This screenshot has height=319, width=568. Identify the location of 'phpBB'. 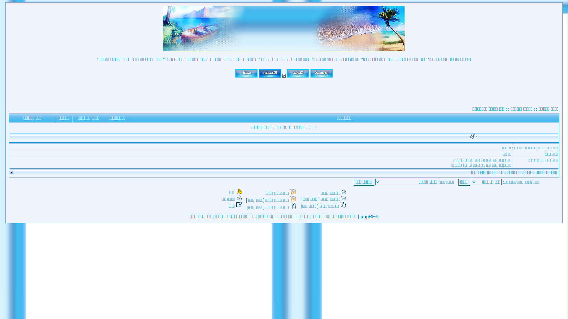
(367, 217).